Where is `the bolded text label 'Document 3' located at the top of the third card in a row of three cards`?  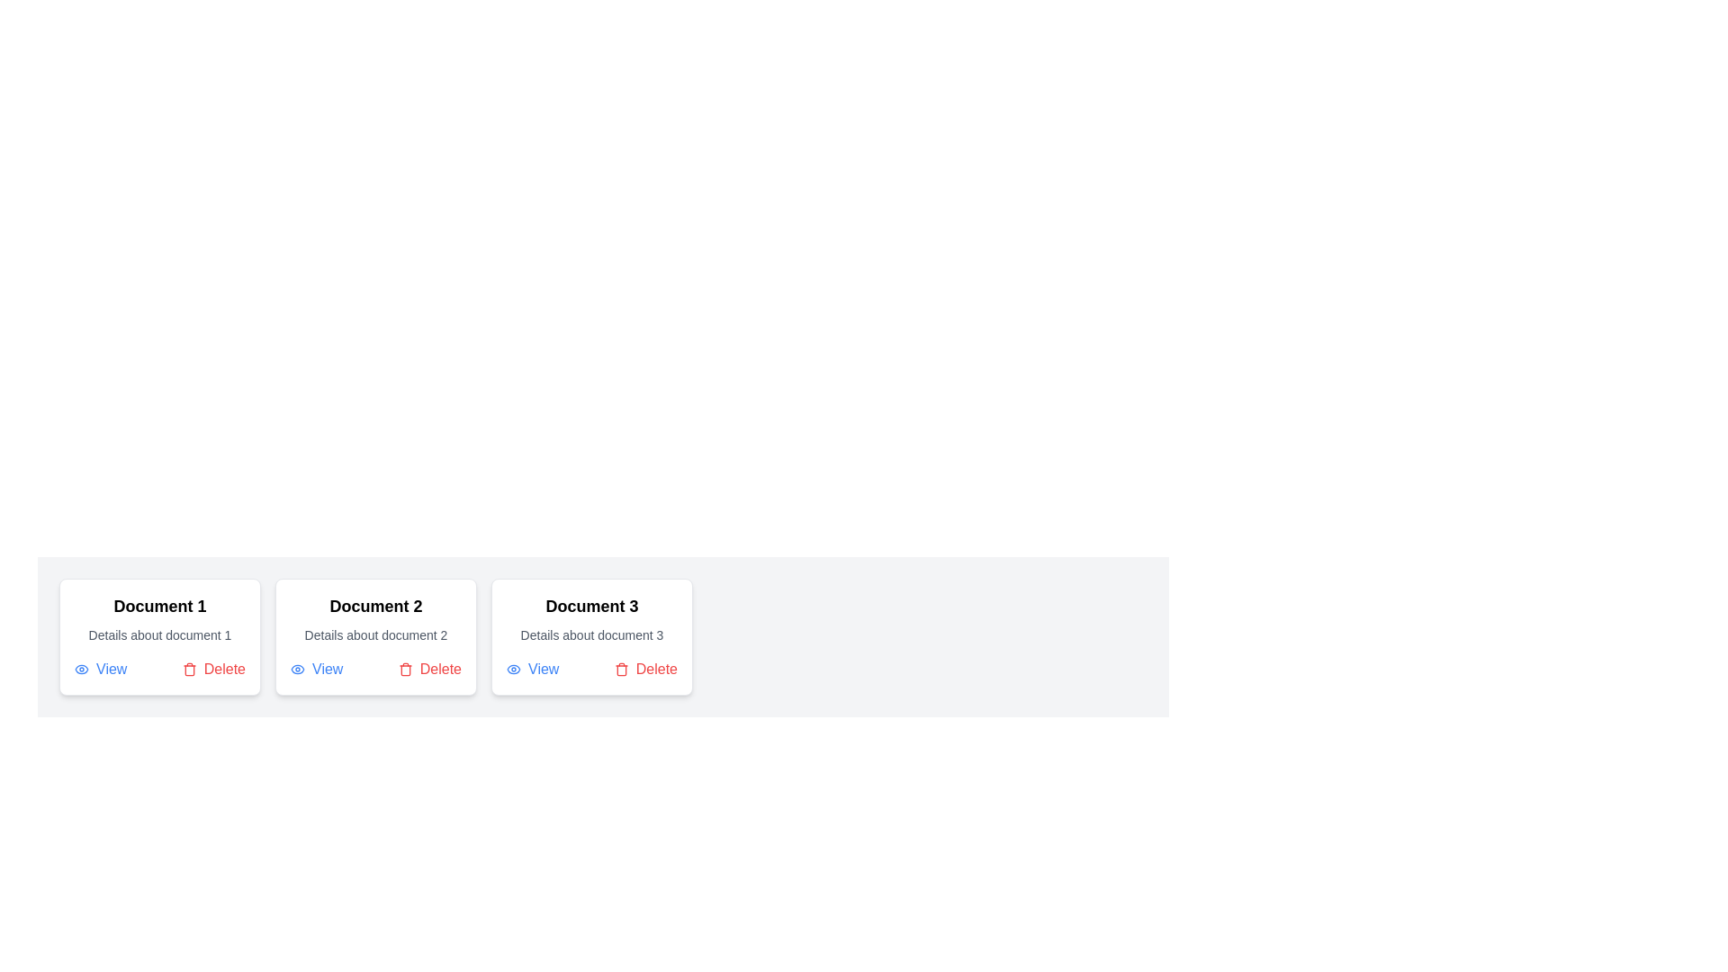
the bolded text label 'Document 3' located at the top of the third card in a row of three cards is located at coordinates (591, 607).